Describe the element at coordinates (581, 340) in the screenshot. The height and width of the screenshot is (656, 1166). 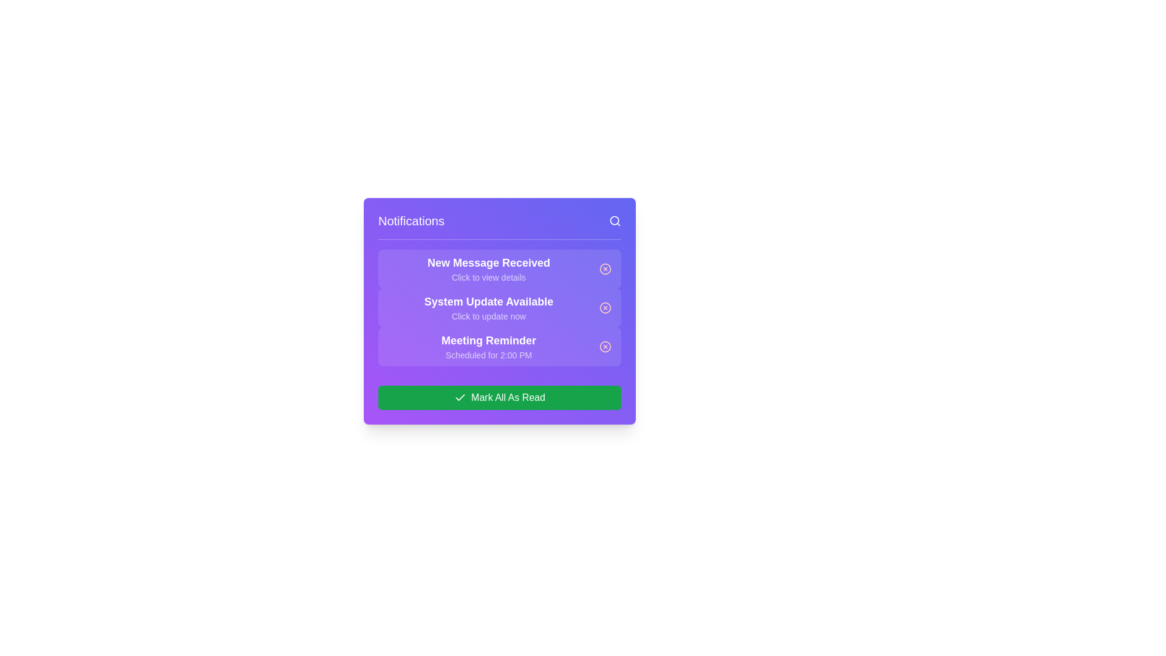
I see `the dismissal button of the notification reminding users of a meeting scheduled at 2:00 PM, which is the third item in the notification panel` at that location.